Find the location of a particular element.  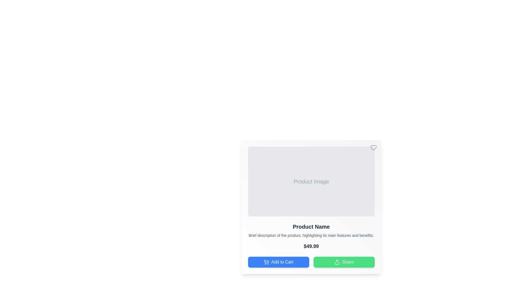

the button labeled for adding an item to the shopping cart, located within a blue button towards the bottom-left of a card layout, next to the green 'Share' button is located at coordinates (282, 262).